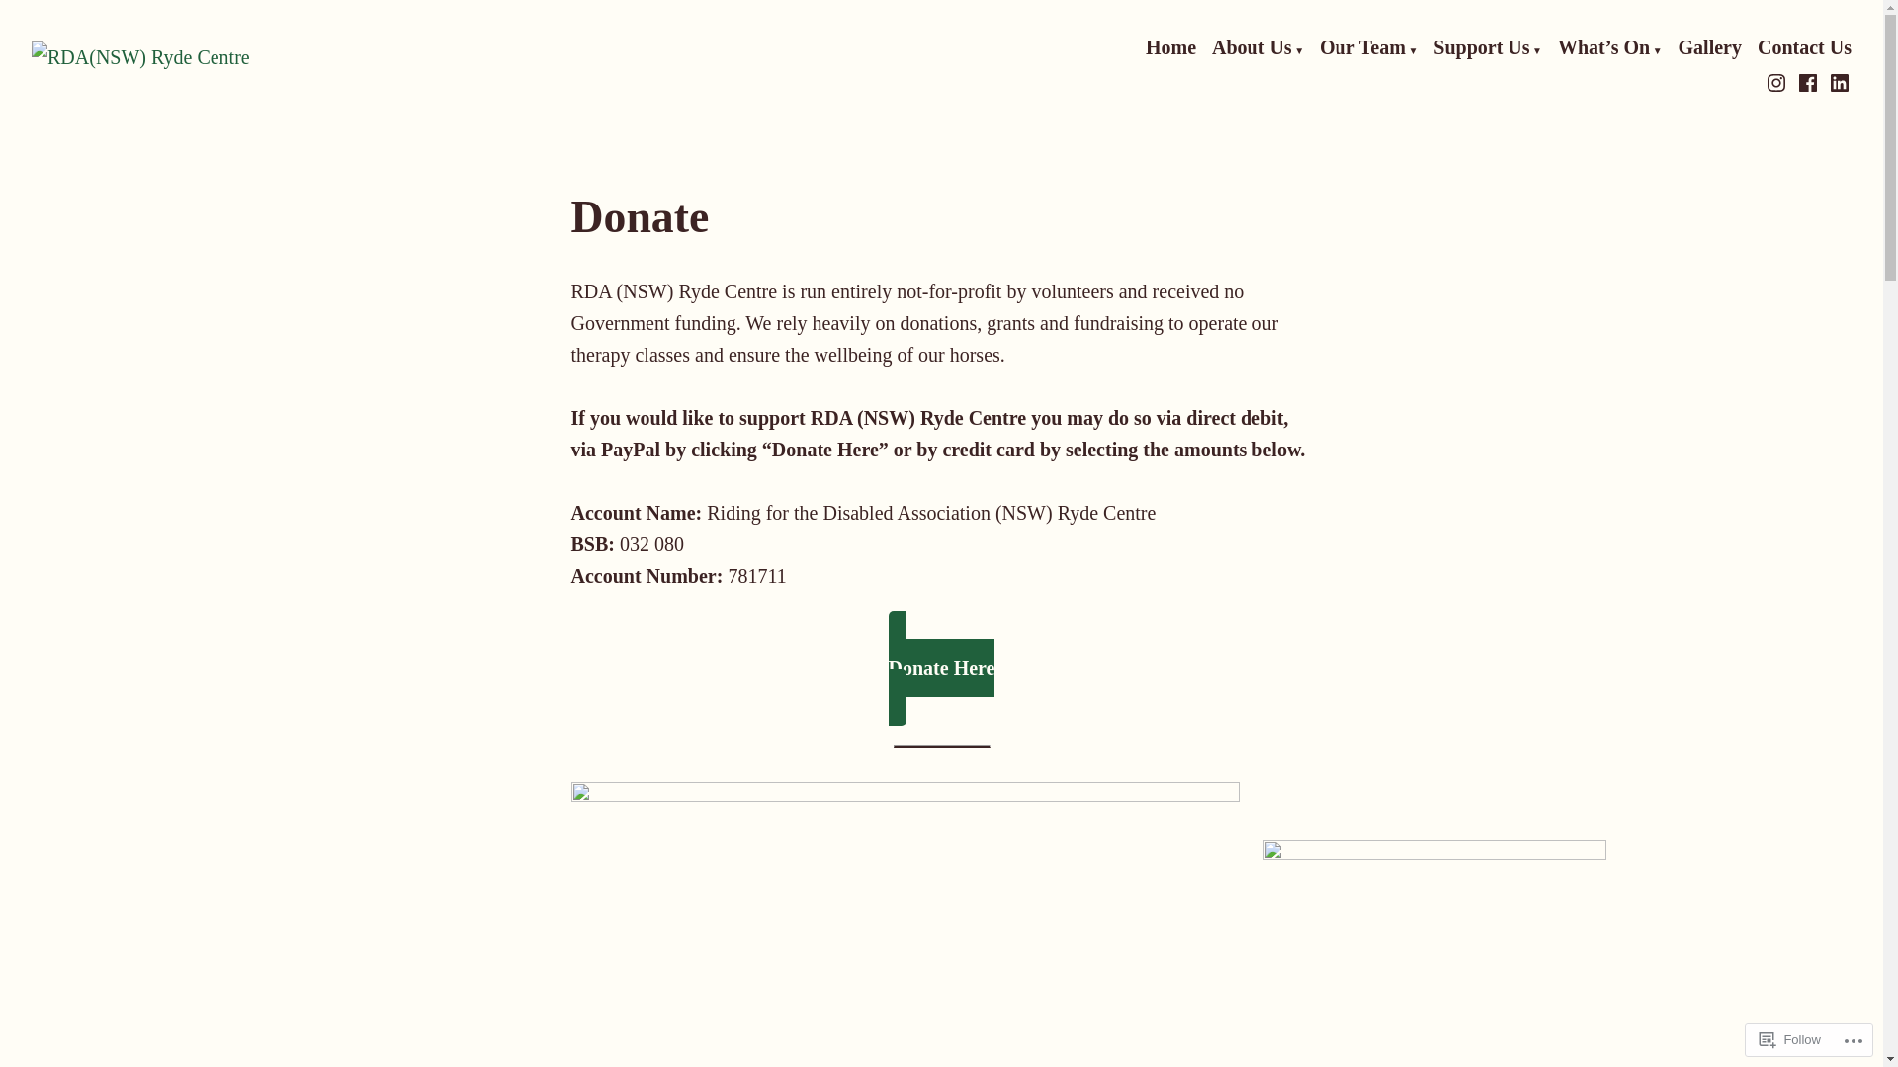 The width and height of the screenshot is (1898, 1067). Describe the element at coordinates (1210, 47) in the screenshot. I see `'About Us'` at that location.